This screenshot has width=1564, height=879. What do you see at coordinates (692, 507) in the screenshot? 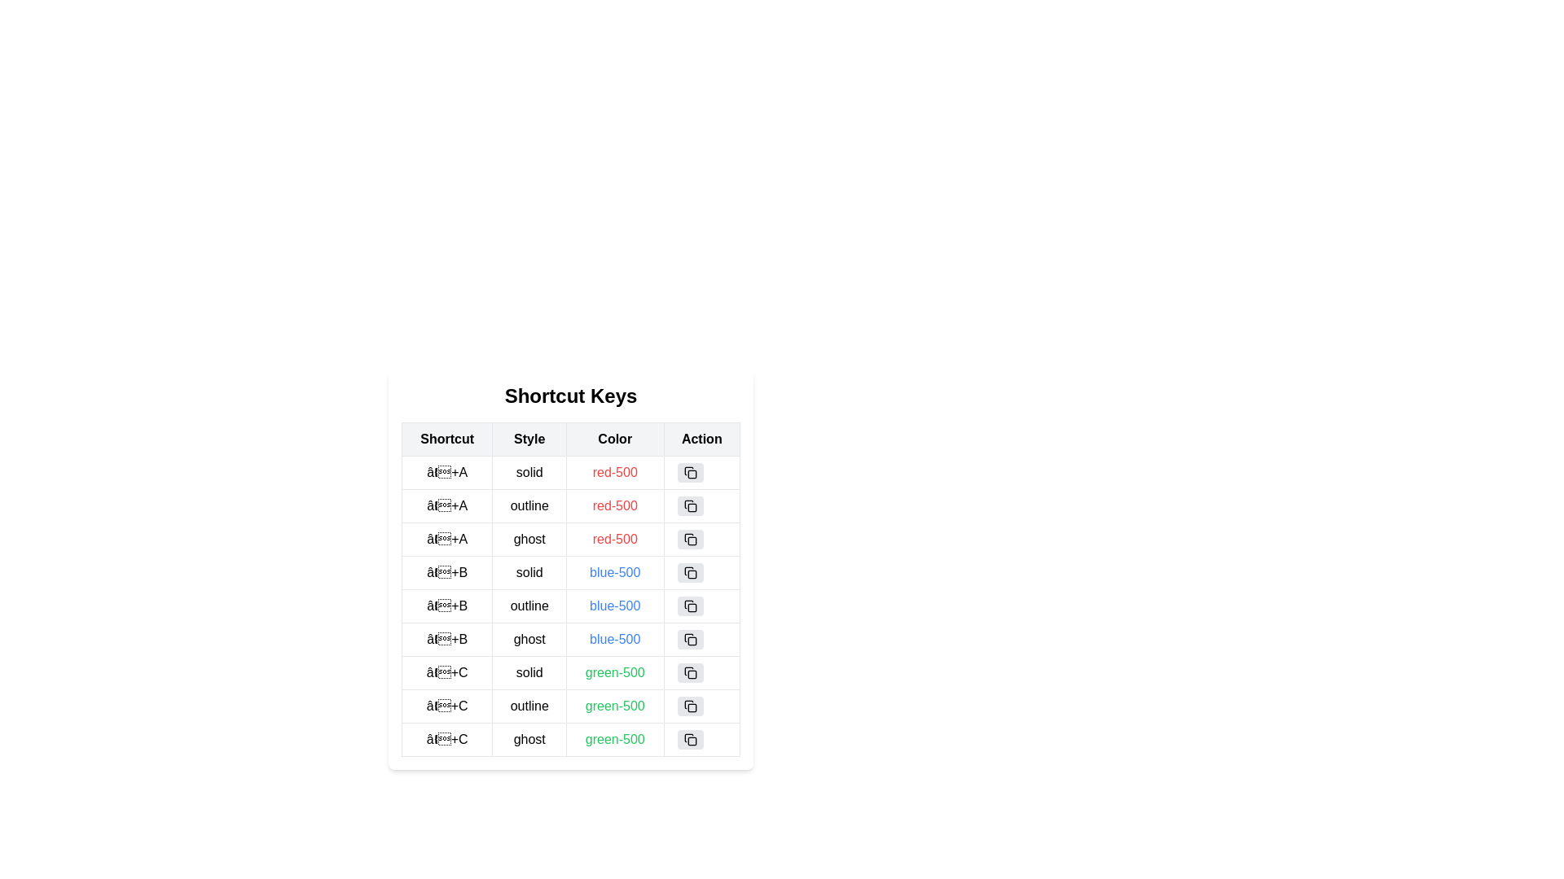
I see `the rounded rectangle part of the 'copy' function icon in the 'Shortcut Keys' table, which is visually central among the sub-elements of the icon` at bounding box center [692, 507].